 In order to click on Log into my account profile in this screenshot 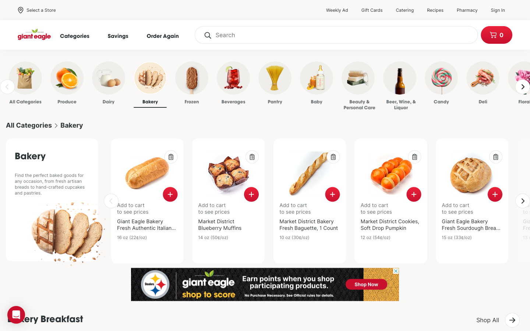, I will do `click(501, 10)`.